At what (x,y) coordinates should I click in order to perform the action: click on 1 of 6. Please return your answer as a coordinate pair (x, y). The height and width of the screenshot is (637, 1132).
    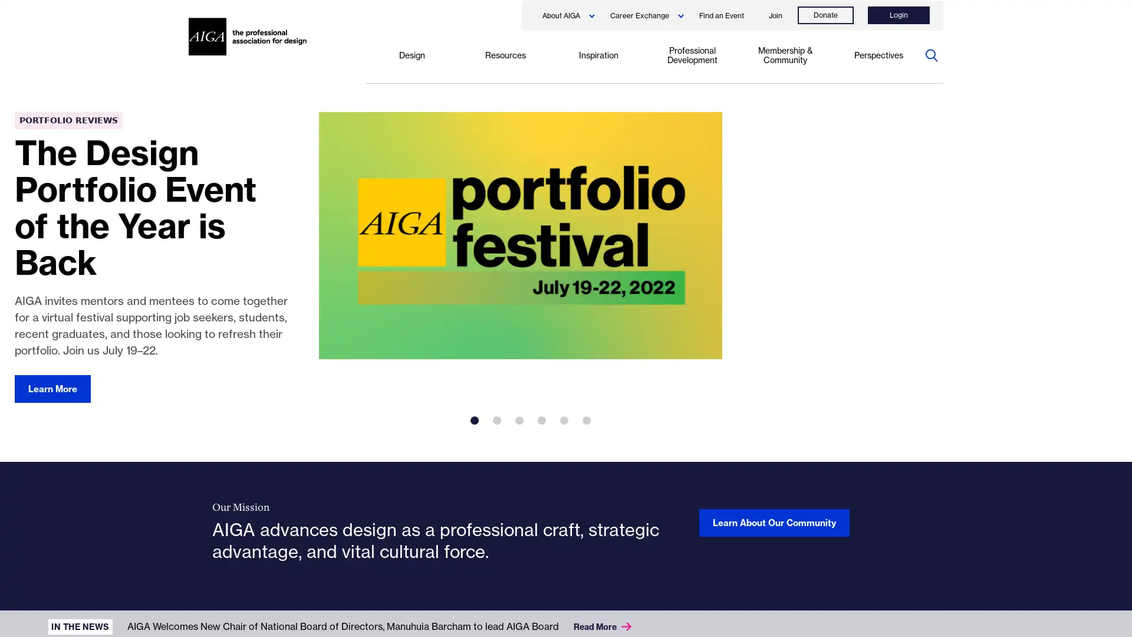
    Looking at the image, I should click on (475, 420).